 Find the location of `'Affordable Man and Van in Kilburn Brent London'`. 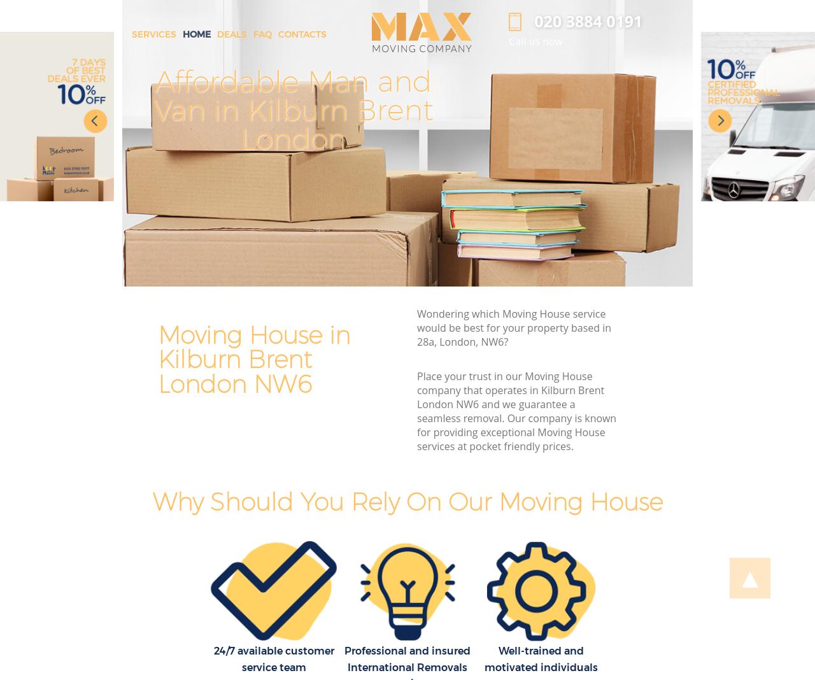

'Affordable Man and Van in Kilburn Brent London' is located at coordinates (292, 110).